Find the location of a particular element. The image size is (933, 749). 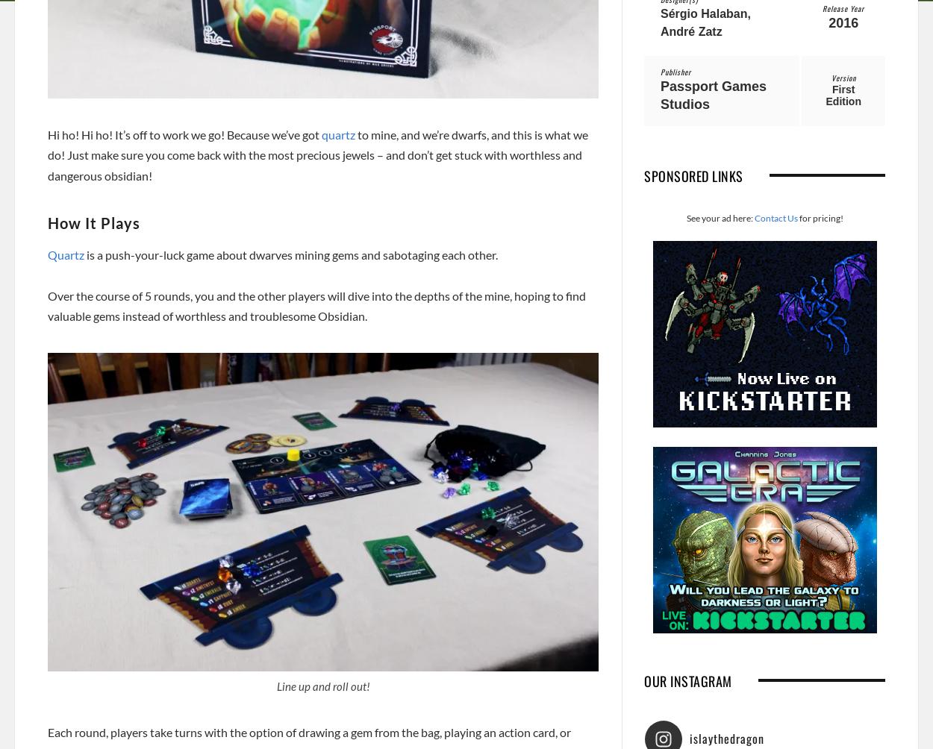

'Sérgio Halaban, André Zatz' is located at coordinates (705, 22).